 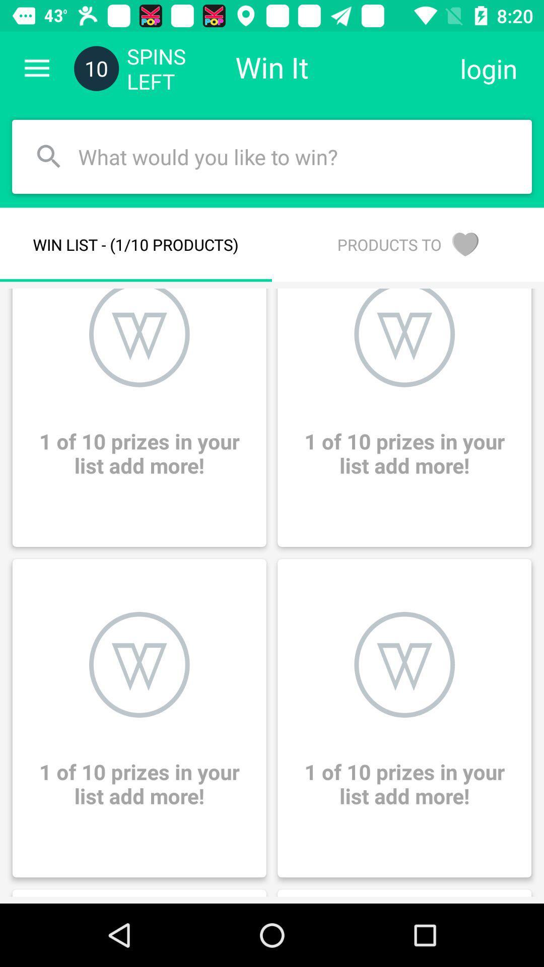 I want to click on item to the left of the 10, so click(x=36, y=68).